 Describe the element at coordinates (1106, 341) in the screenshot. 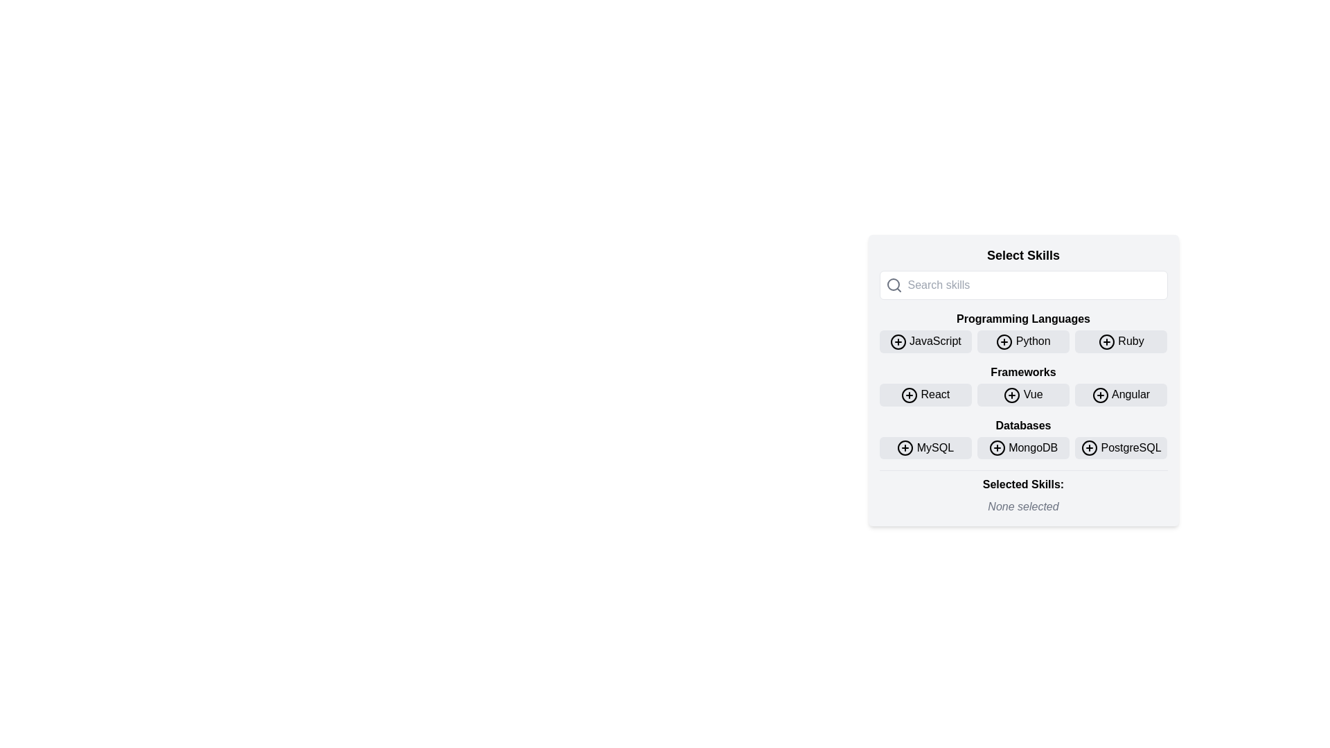

I see `the visual state of the SVG circular shape within the 'Ruby' button, which is the third option in the 'Programming Languages' section` at that location.